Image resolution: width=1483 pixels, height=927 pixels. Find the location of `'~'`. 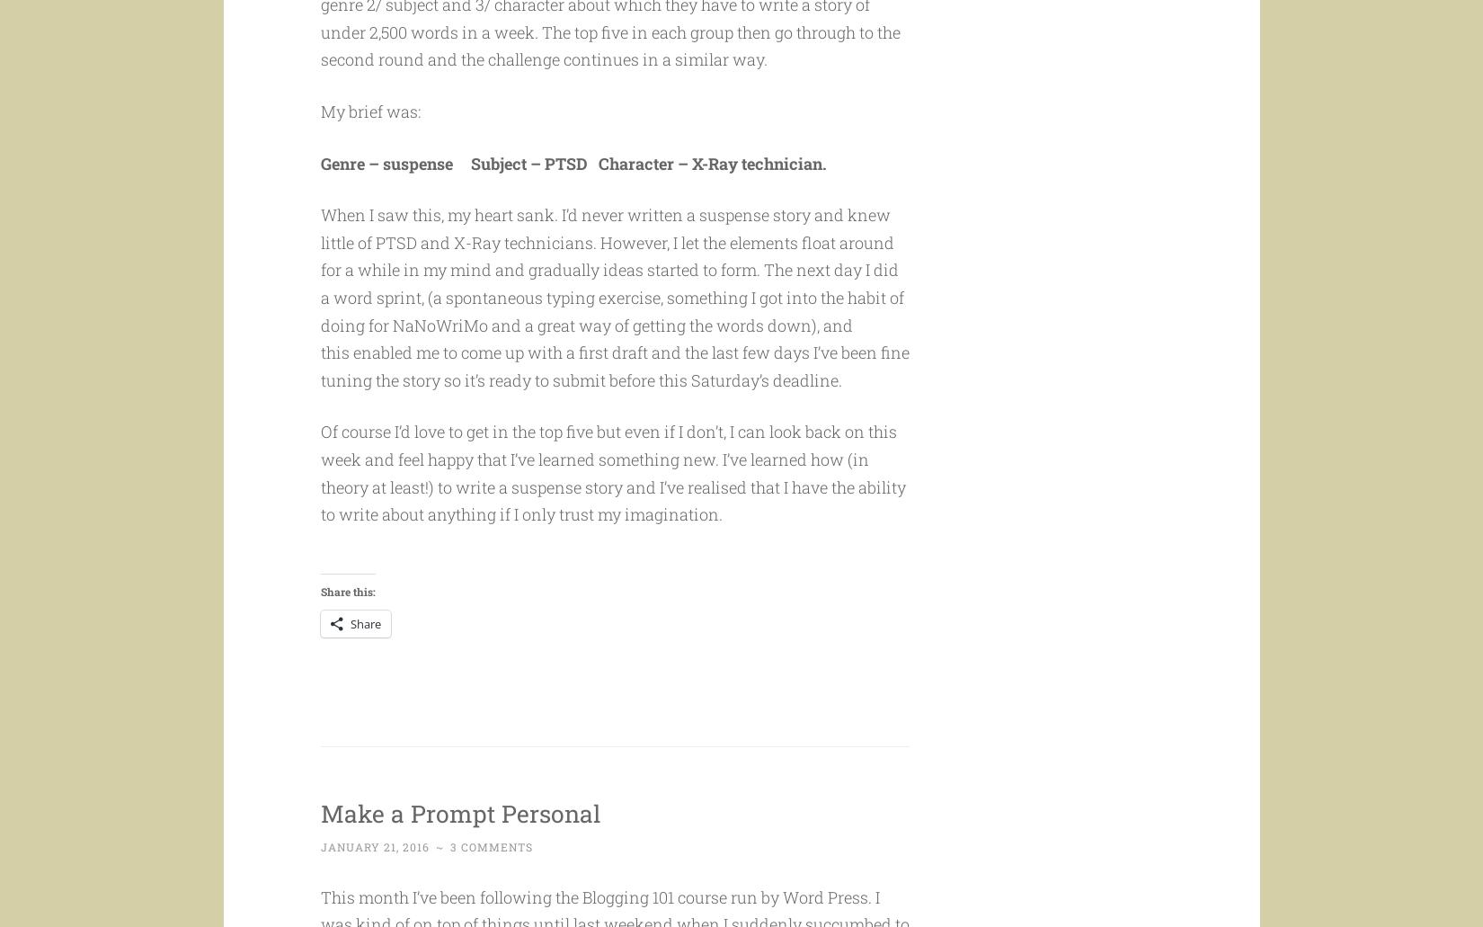

'~' is located at coordinates (440, 879).